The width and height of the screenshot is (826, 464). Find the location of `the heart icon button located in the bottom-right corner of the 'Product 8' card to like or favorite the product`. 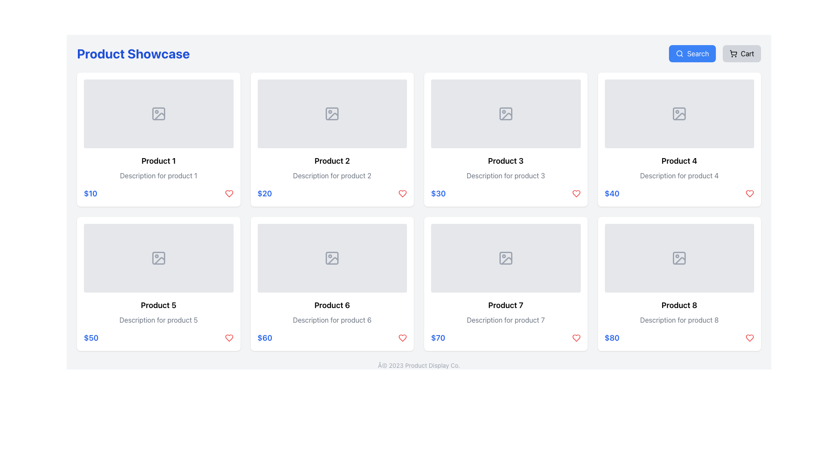

the heart icon button located in the bottom-right corner of the 'Product 8' card to like or favorite the product is located at coordinates (749, 337).